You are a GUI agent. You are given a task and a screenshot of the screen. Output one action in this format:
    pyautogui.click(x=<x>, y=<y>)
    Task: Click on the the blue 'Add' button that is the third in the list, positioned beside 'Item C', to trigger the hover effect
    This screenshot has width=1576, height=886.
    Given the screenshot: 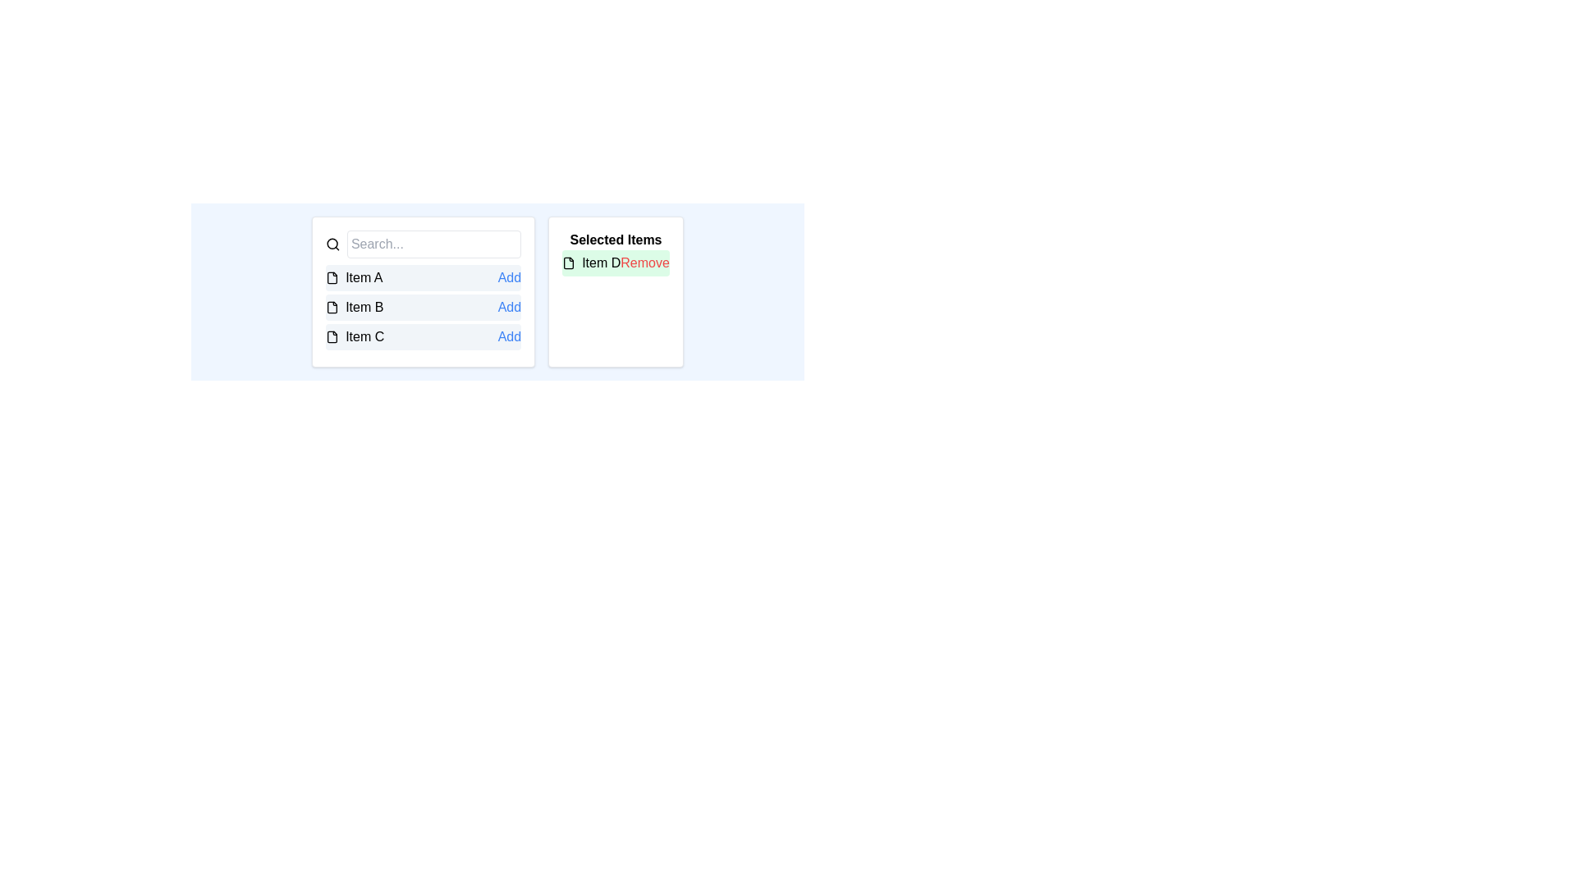 What is the action you would take?
    pyautogui.click(x=508, y=336)
    